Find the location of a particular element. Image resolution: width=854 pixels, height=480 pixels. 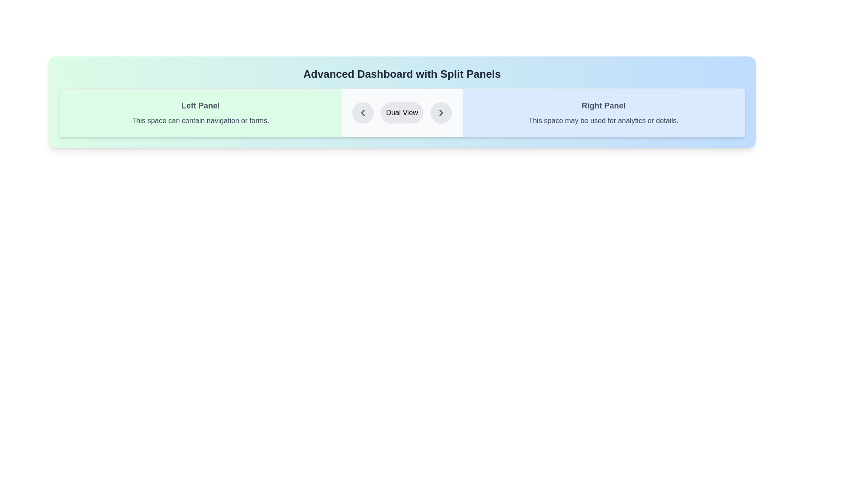

the header text label located in the left panel of the interface, which provides context about the section's purpose is located at coordinates (200, 105).